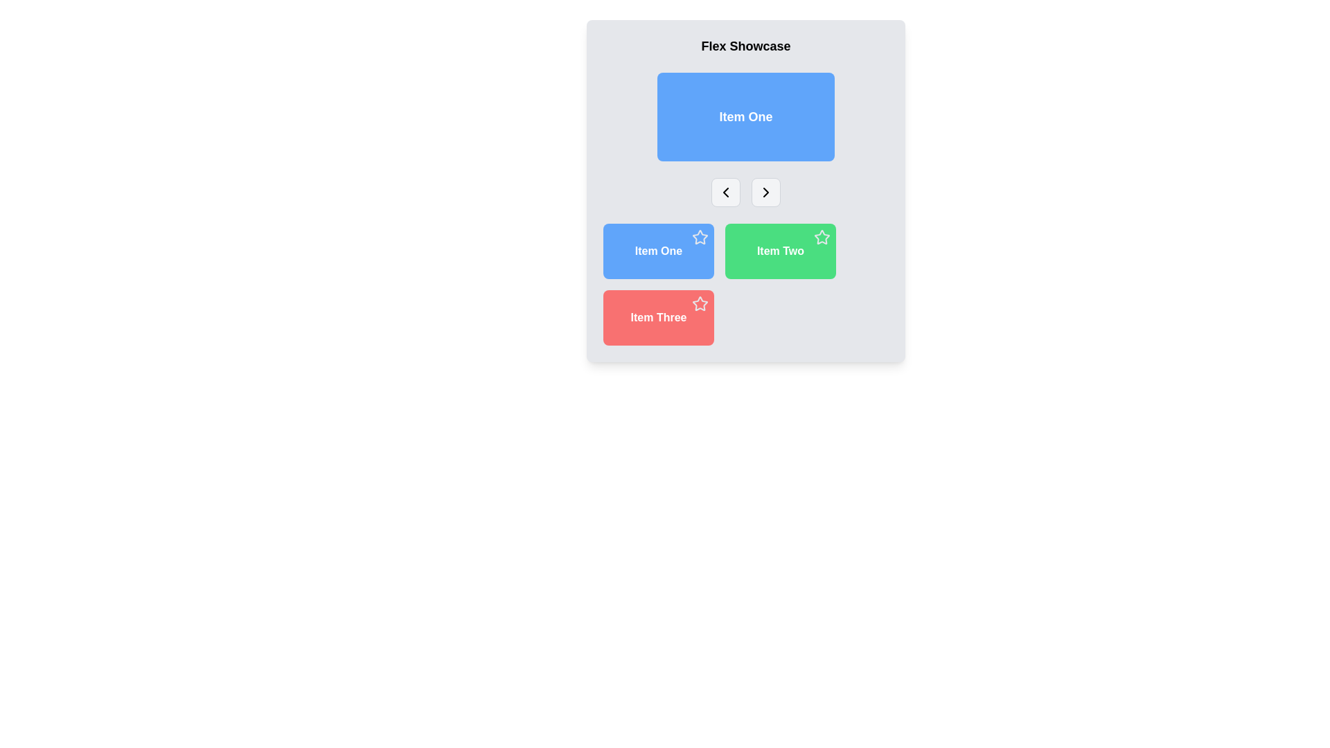  What do you see at coordinates (821, 236) in the screenshot?
I see `the star icon within the green button labeled 'Item Two'` at bounding box center [821, 236].